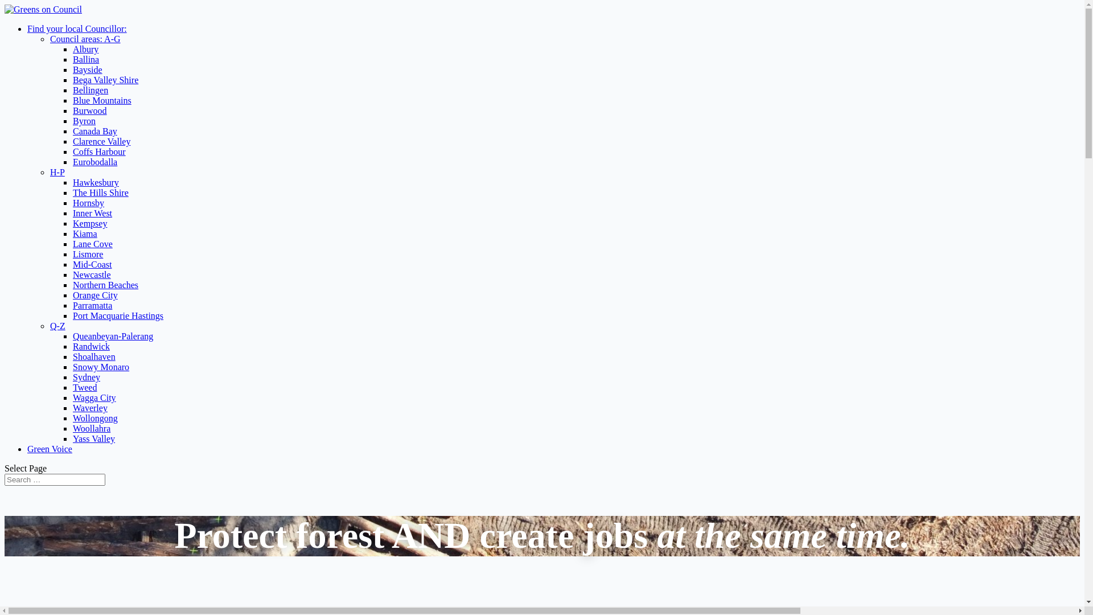 The image size is (1093, 615). I want to click on 'Find your local Councillor:', so click(76, 28).